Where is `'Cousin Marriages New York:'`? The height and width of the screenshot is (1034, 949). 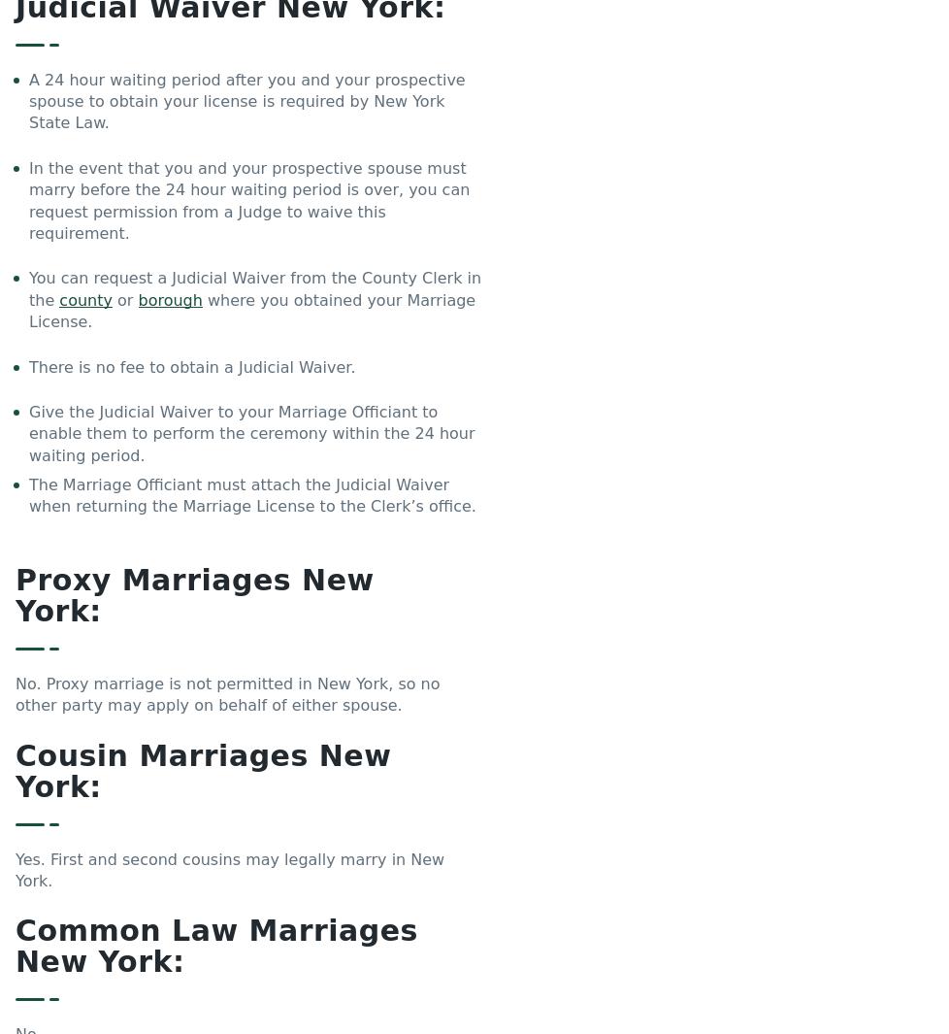 'Cousin Marriages New York:' is located at coordinates (203, 770).